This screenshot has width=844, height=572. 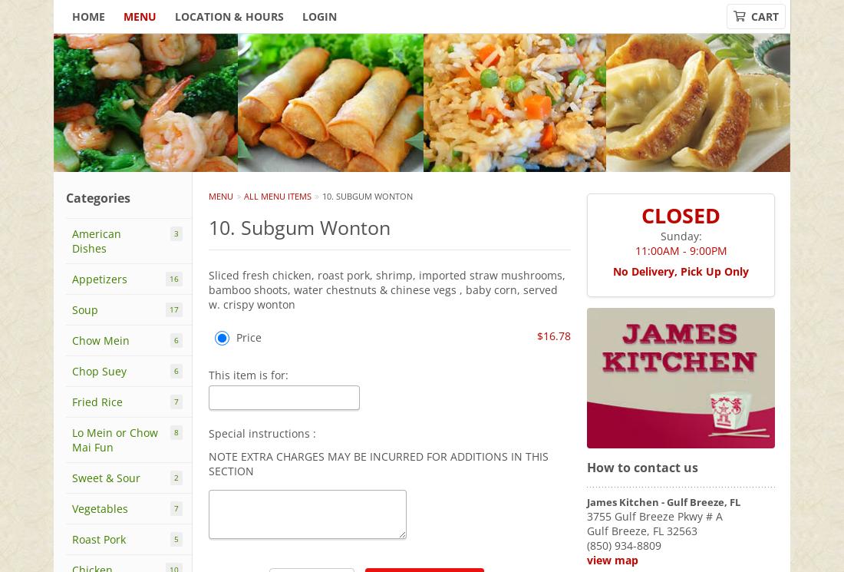 What do you see at coordinates (100, 508) in the screenshot?
I see `'Vegetables'` at bounding box center [100, 508].